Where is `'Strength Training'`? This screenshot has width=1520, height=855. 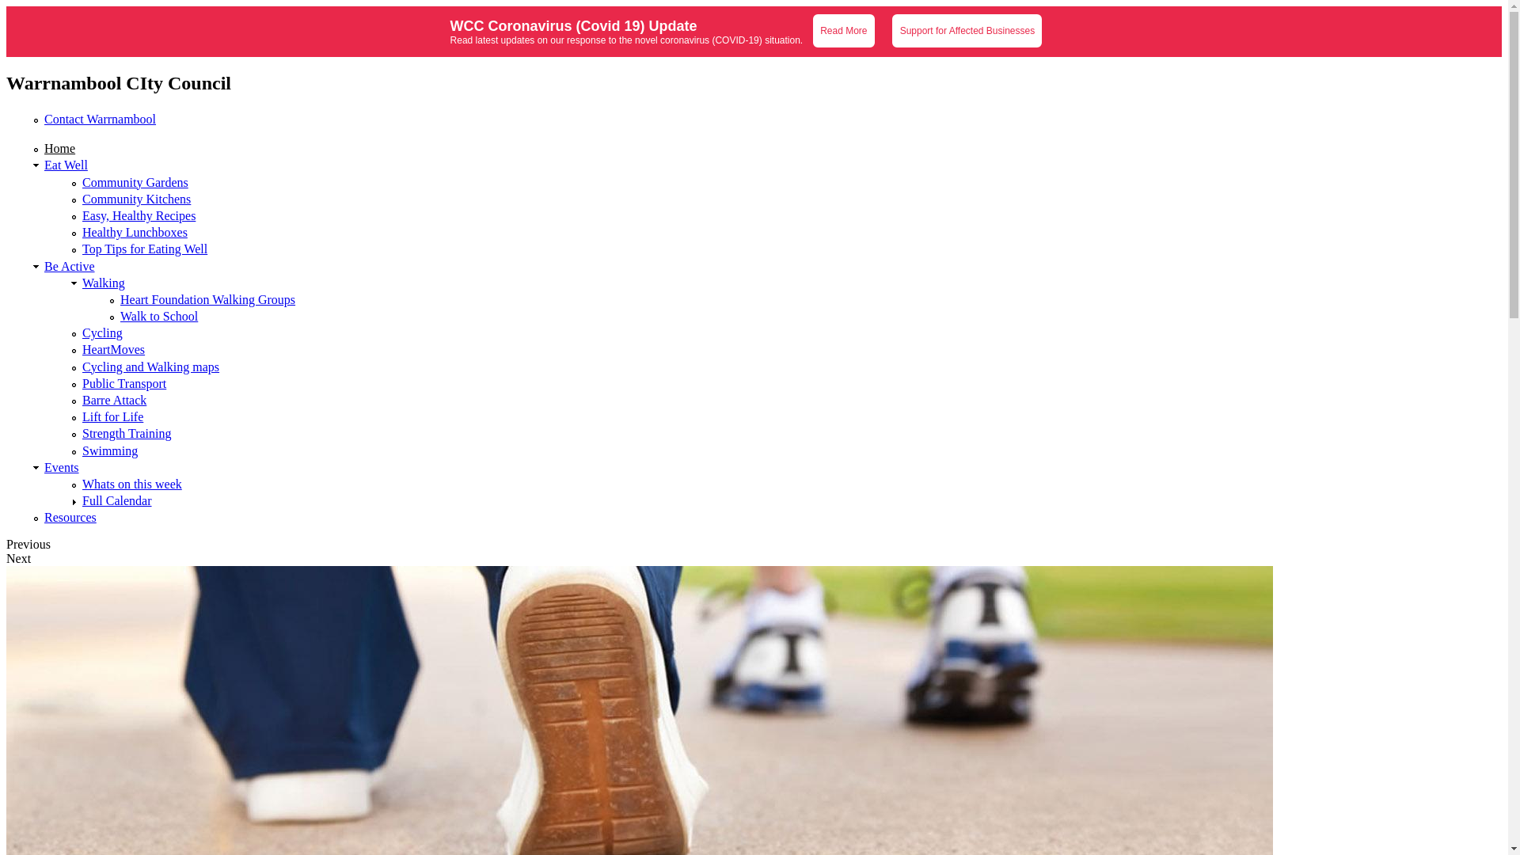 'Strength Training' is located at coordinates (125, 433).